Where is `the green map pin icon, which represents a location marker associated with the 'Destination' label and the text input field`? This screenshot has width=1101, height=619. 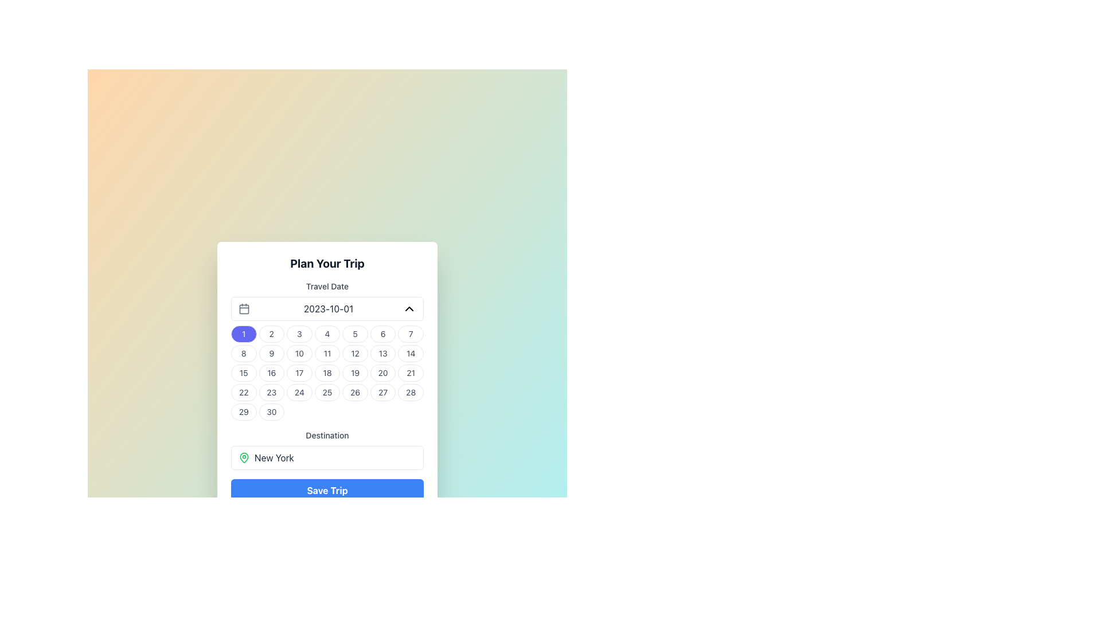 the green map pin icon, which represents a location marker associated with the 'Destination' label and the text input field is located at coordinates (244, 457).